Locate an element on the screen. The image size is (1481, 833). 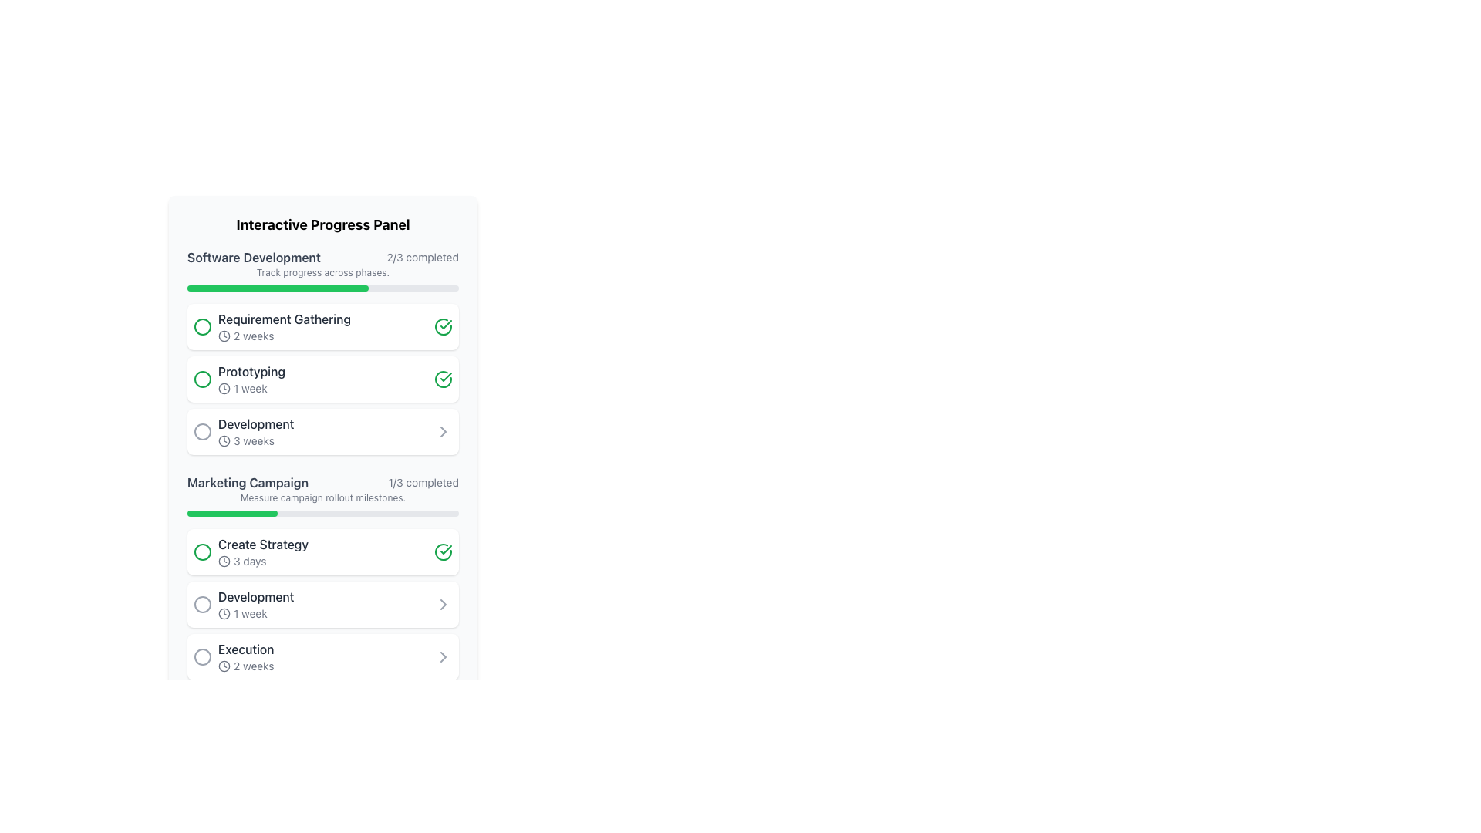
the List item titled 'Prototyping 1 week' which has a bold title 'Prototyping' and is visually encapsulated in a white rectangular card under the 'Software Development' section is located at coordinates (238, 379).